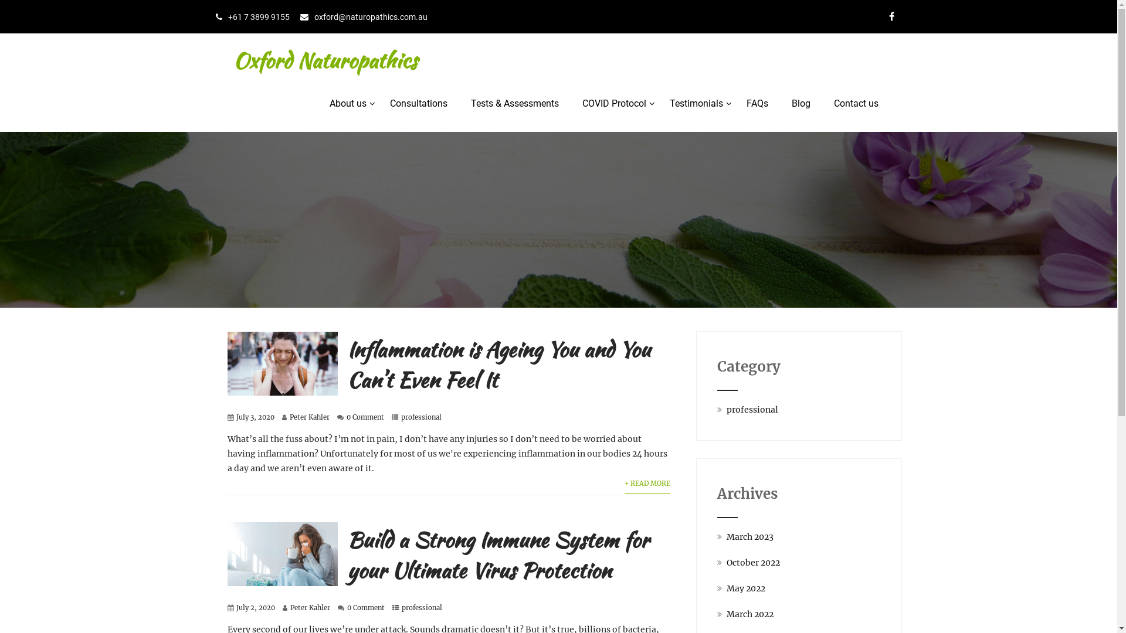 This screenshot has width=1126, height=633. What do you see at coordinates (347, 103) in the screenshot?
I see `'About us'` at bounding box center [347, 103].